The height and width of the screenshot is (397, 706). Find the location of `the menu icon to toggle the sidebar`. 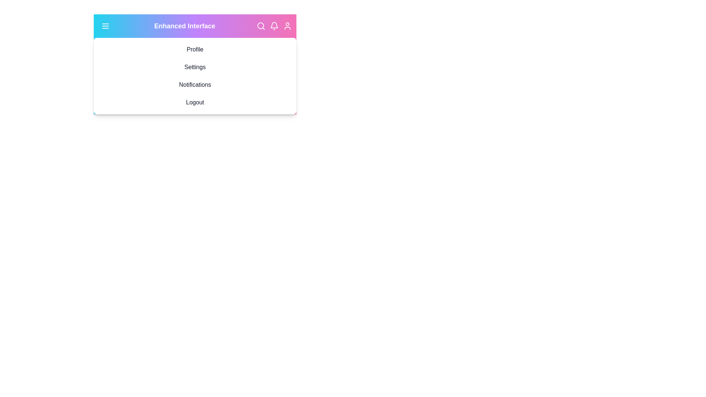

the menu icon to toggle the sidebar is located at coordinates (105, 25).